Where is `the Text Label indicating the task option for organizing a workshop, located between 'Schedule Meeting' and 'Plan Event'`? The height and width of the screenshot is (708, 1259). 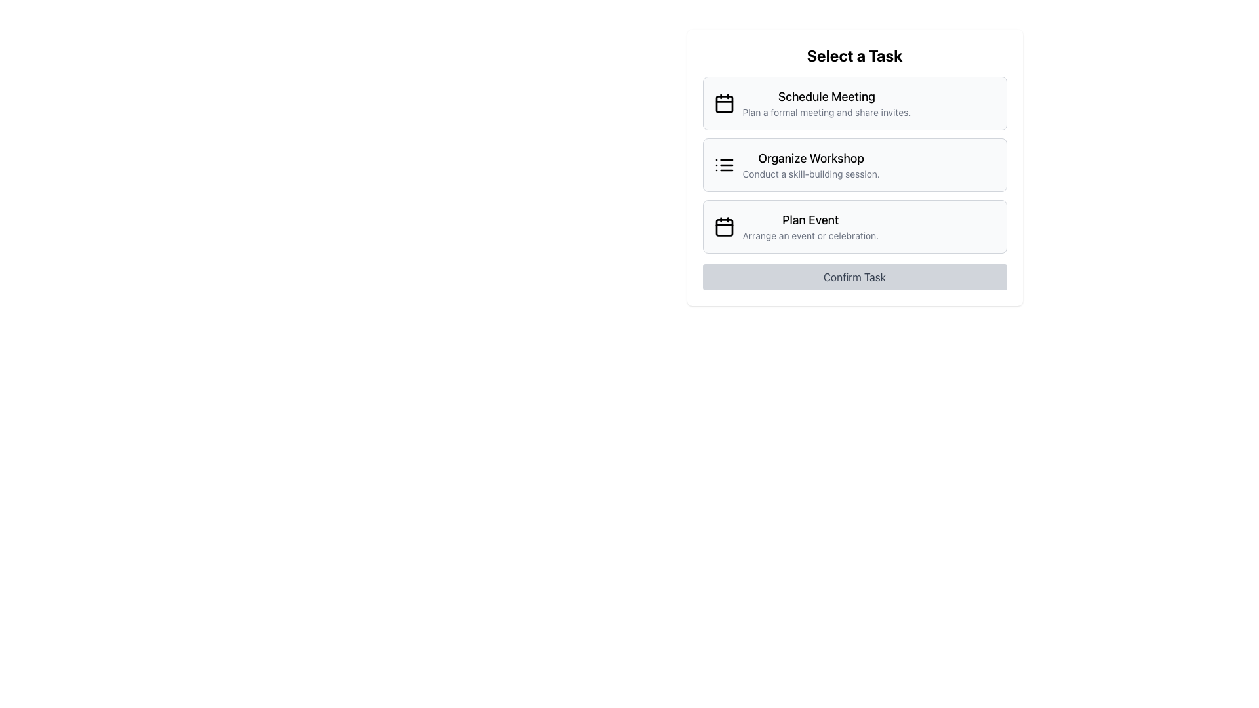
the Text Label indicating the task option for organizing a workshop, located between 'Schedule Meeting' and 'Plan Event' is located at coordinates (810, 158).